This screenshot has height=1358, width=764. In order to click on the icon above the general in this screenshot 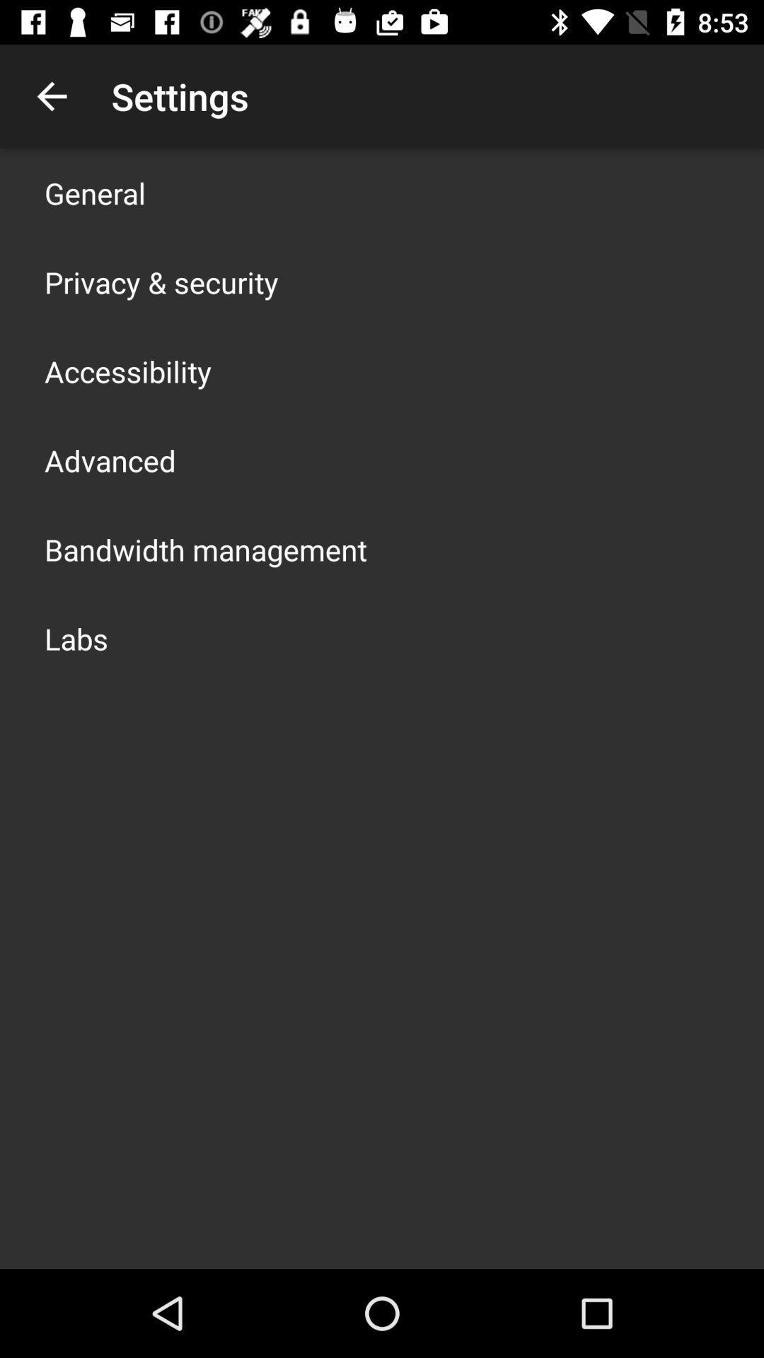, I will do `click(51, 95)`.